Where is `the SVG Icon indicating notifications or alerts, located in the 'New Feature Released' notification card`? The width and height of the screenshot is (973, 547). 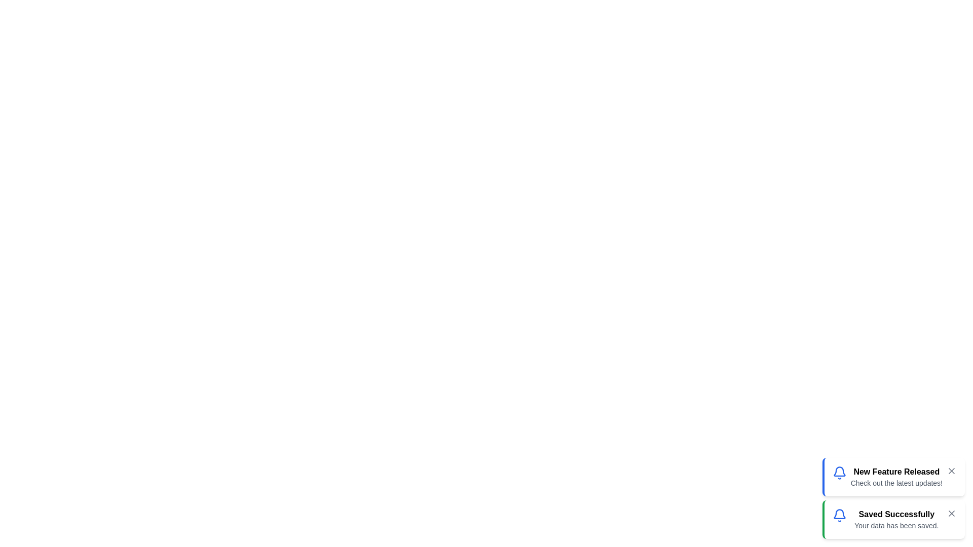 the SVG Icon indicating notifications or alerts, located in the 'New Feature Released' notification card is located at coordinates (839, 473).